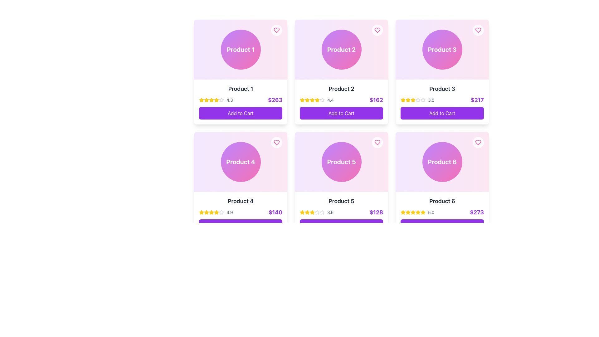 The height and width of the screenshot is (337, 599). What do you see at coordinates (341, 225) in the screenshot?
I see `the 'Add to Cart' button with a purple background and white text label, which is located at the bottom center of the card for 'Product 5', to observe its hover effects` at bounding box center [341, 225].